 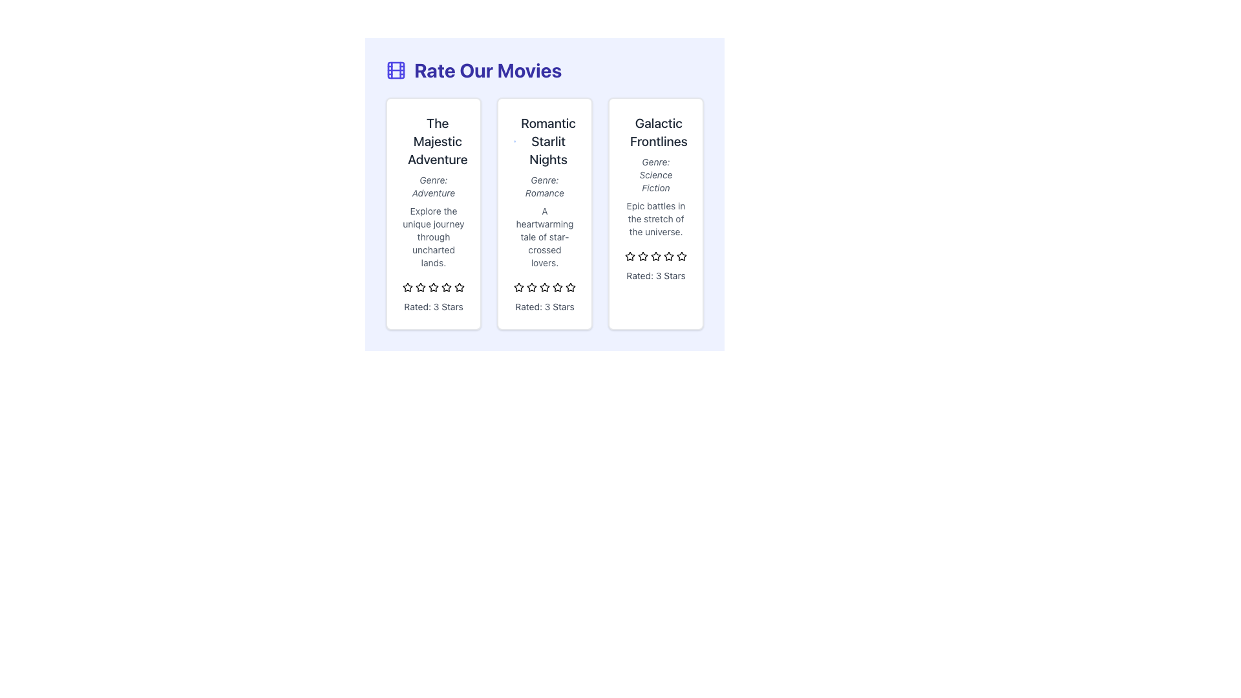 I want to click on the rating Text Label located at the bottom edge of the 'Romantic Starlit Nights' card, which displays the rating of the associated content item, so click(x=545, y=306).